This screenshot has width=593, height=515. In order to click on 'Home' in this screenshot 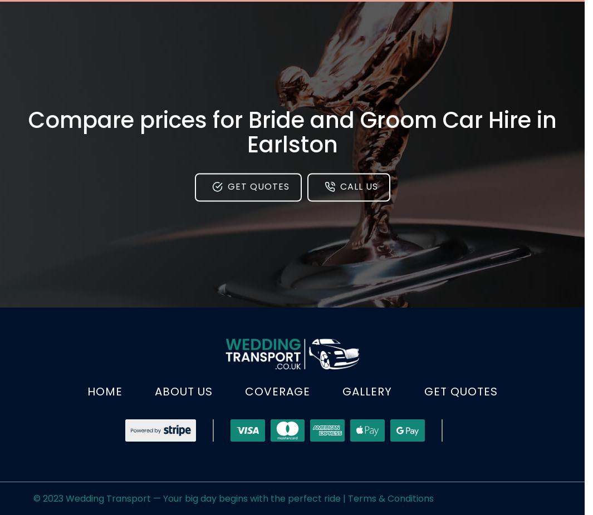, I will do `click(104, 391)`.